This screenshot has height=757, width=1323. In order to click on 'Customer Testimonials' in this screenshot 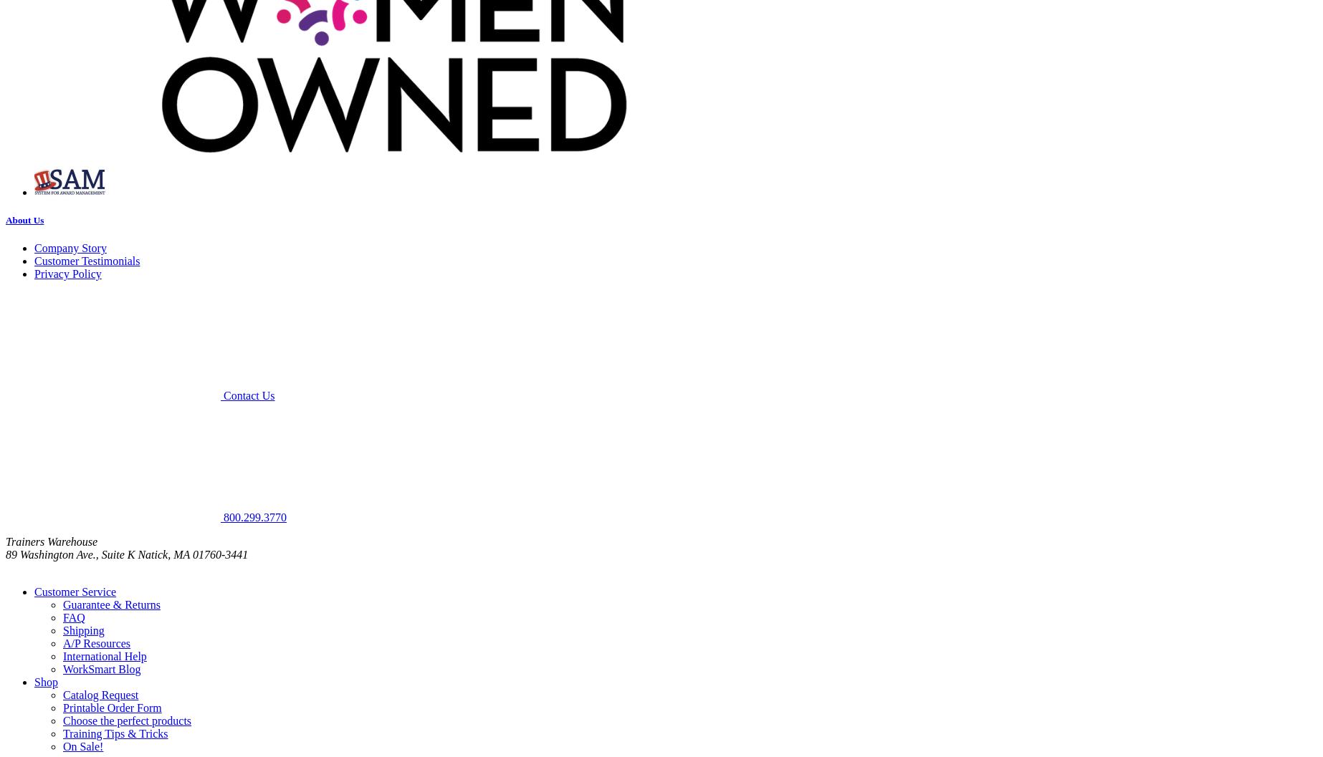, I will do `click(87, 261)`.